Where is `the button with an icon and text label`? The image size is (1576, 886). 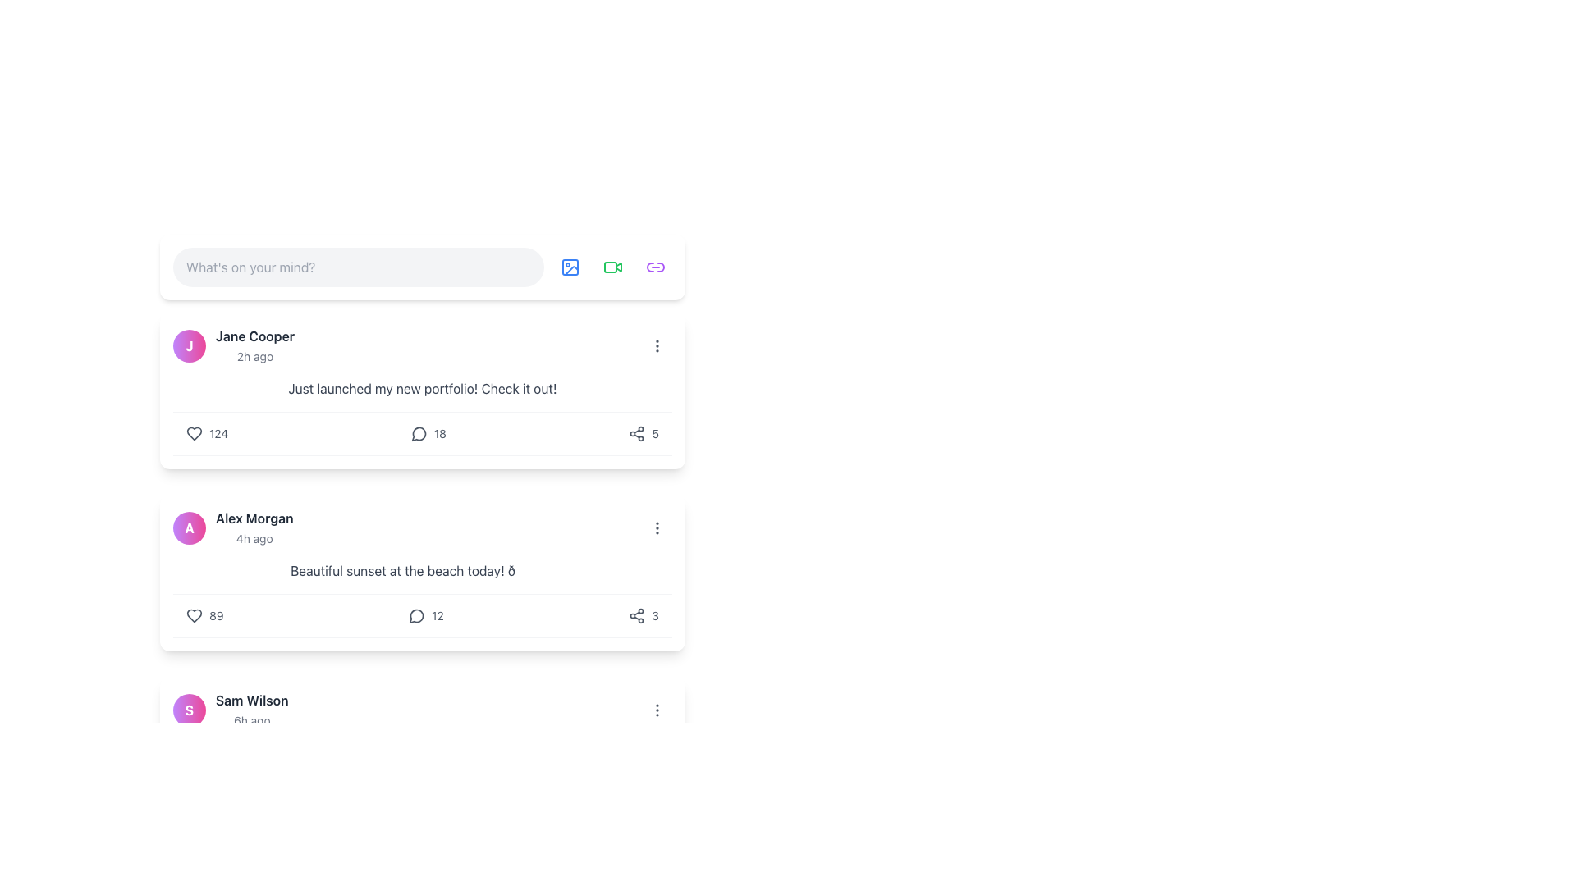 the button with an icon and text label is located at coordinates (426, 616).